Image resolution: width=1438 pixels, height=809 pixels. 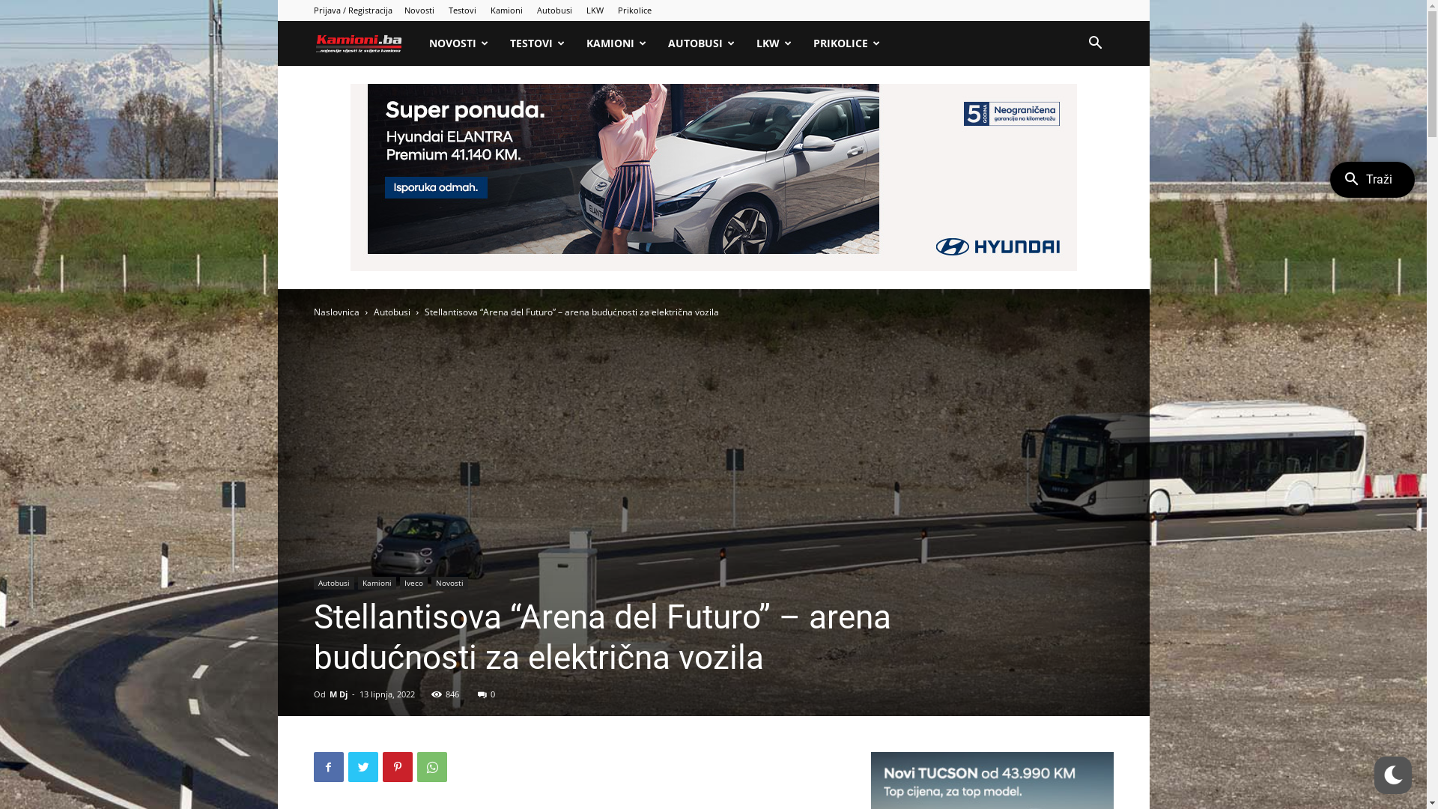 I want to click on 'Autobusi', so click(x=312, y=582).